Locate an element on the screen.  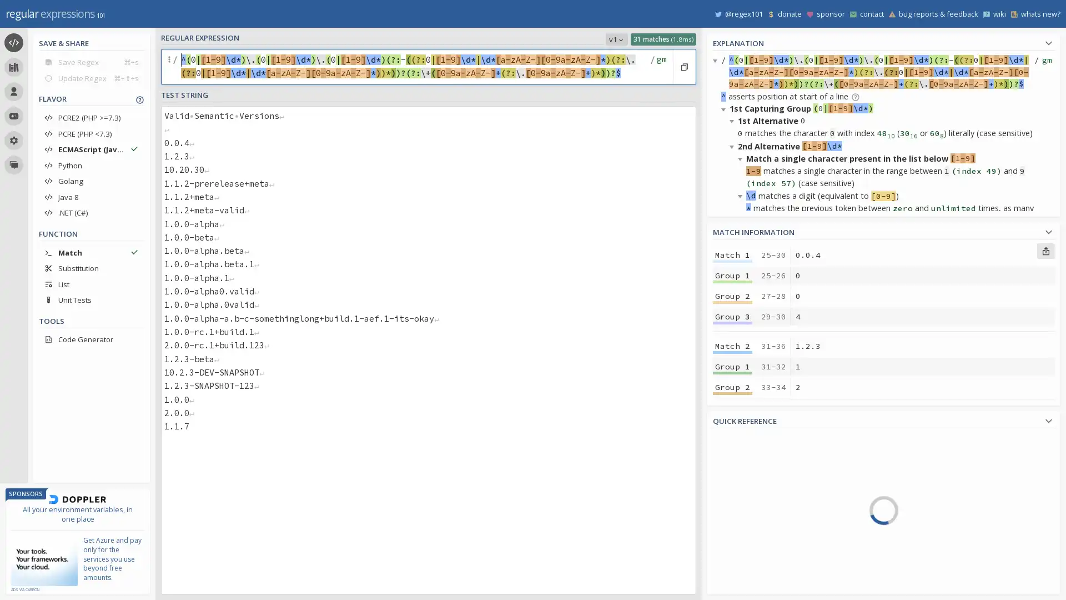
Collapse Subtree is located at coordinates (725, 109).